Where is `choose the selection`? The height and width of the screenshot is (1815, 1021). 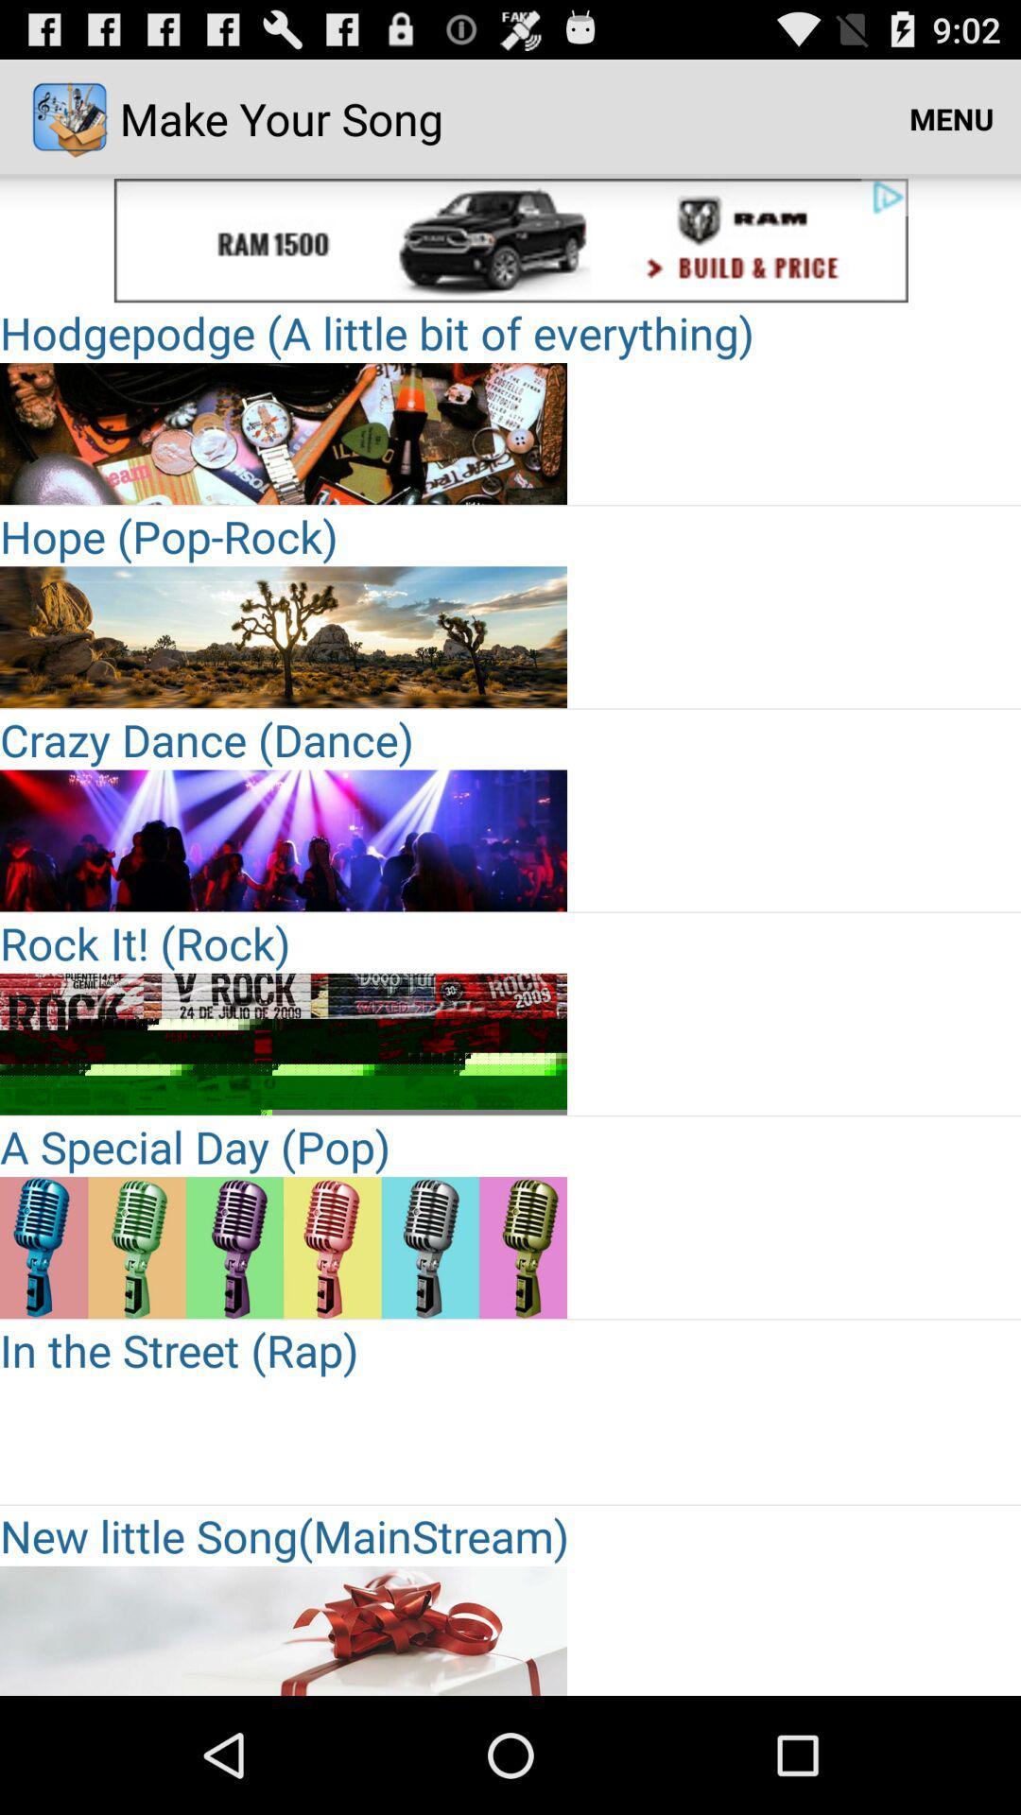 choose the selection is located at coordinates (284, 1248).